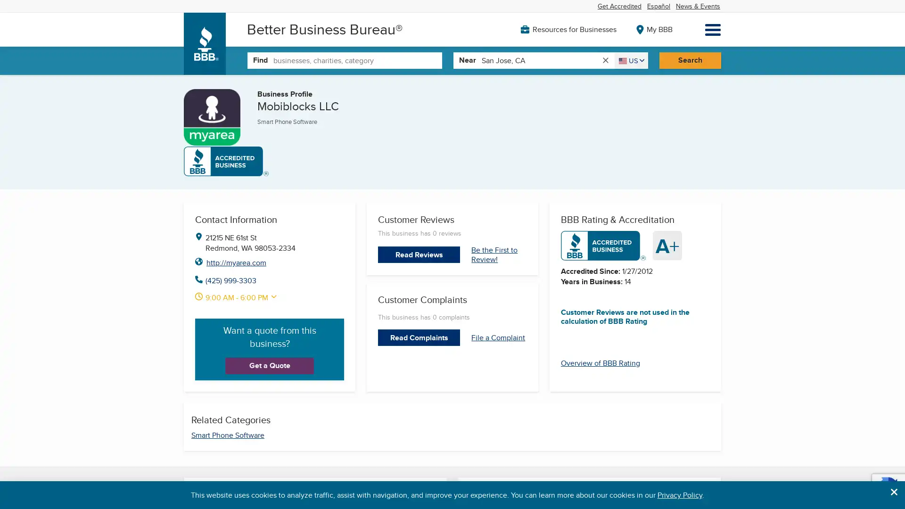  I want to click on My BBB, so click(653, 28).